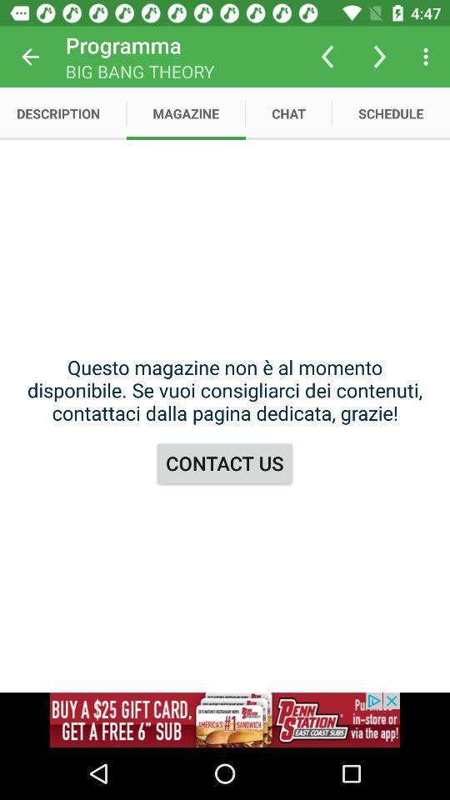 The width and height of the screenshot is (450, 800). What do you see at coordinates (225, 719) in the screenshot?
I see `advertisement adding button` at bounding box center [225, 719].